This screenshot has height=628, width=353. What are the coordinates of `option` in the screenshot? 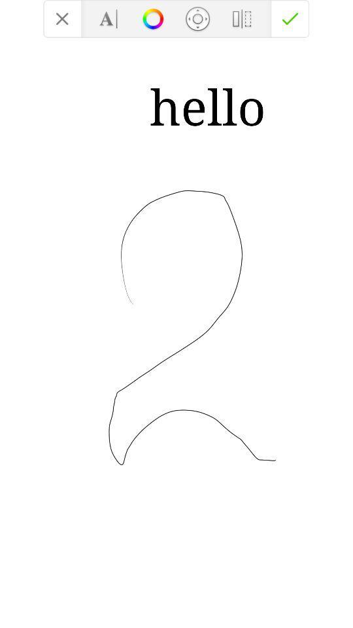 It's located at (61, 18).